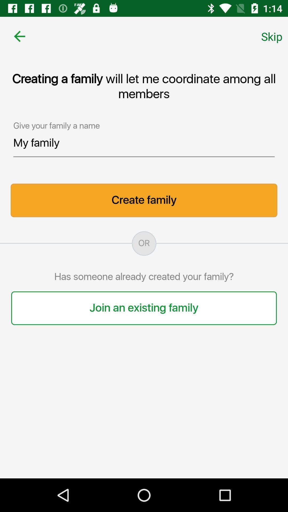  Describe the element at coordinates (19, 36) in the screenshot. I see `the icon to the left of skip item` at that location.